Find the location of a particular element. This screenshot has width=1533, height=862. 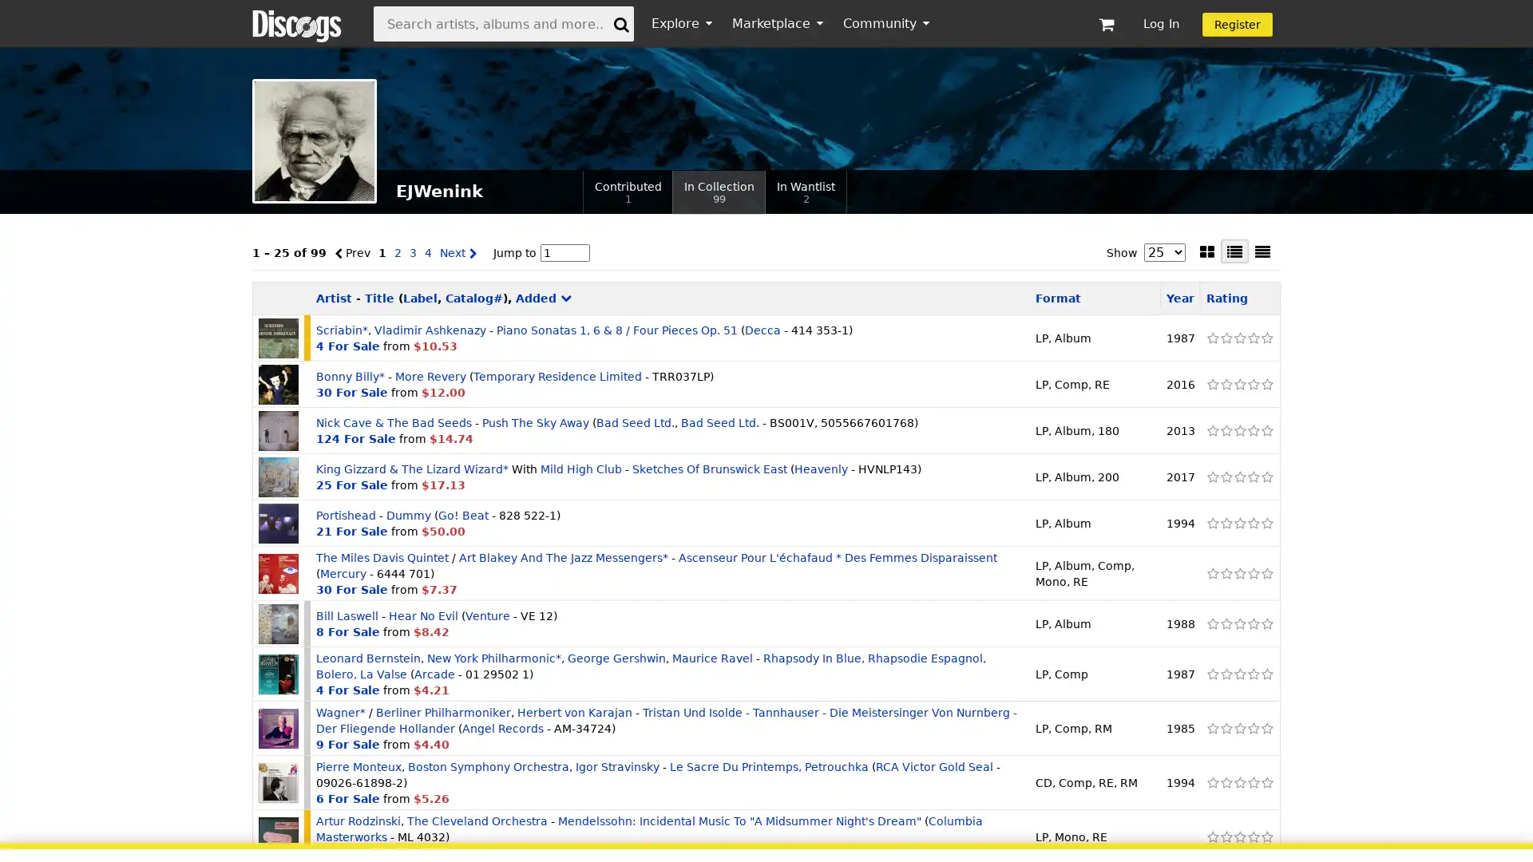

Search is located at coordinates (620, 22).